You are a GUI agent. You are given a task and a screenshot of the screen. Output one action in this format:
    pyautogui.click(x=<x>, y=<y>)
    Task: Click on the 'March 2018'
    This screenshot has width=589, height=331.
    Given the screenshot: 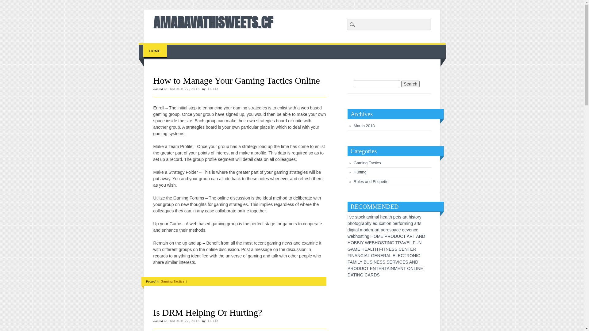 What is the action you would take?
    pyautogui.click(x=364, y=125)
    